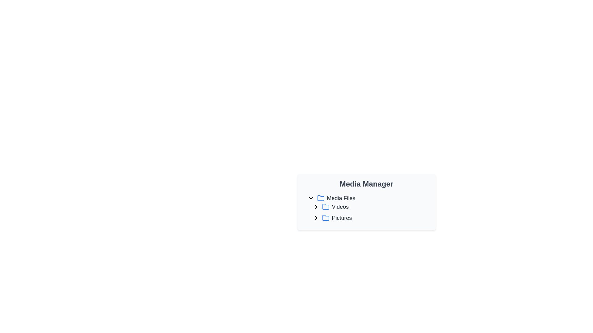 The image size is (593, 333). I want to click on the blue folder icon located in the 'Media Manager' section, next to the 'Media Files' text, so click(321, 198).